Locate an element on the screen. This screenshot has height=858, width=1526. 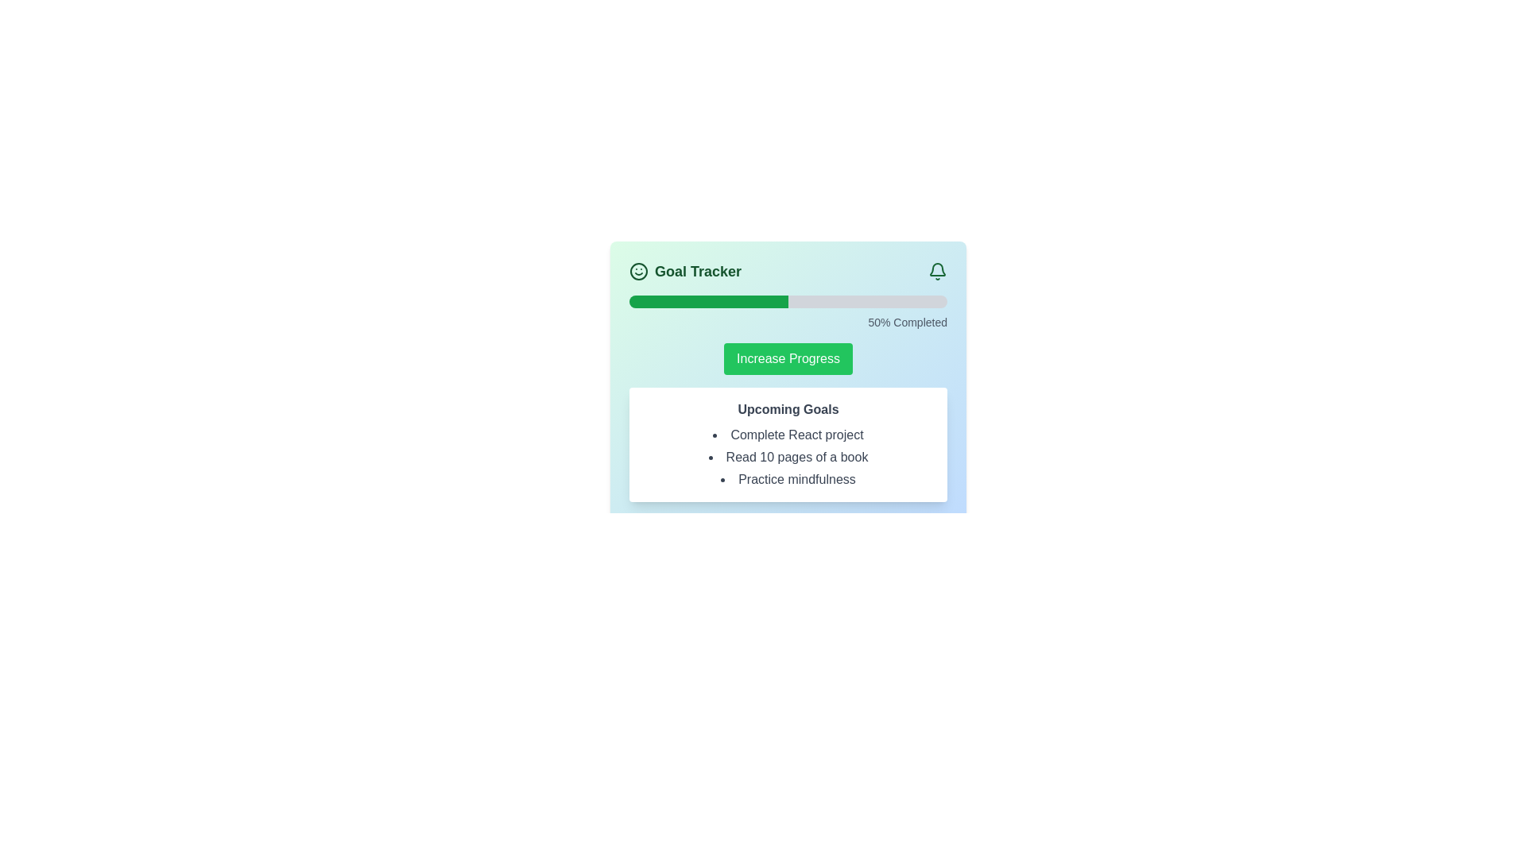
the information represented is located at coordinates (698, 271).